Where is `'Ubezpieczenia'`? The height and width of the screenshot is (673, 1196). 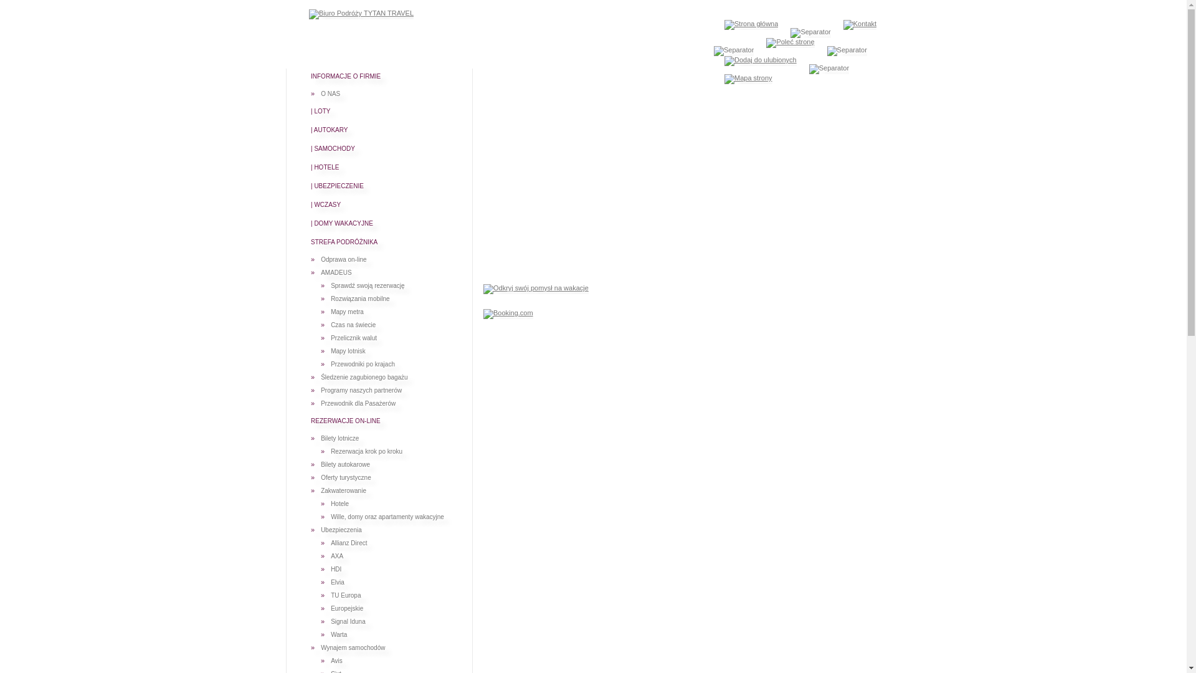
'Ubezpieczenia' is located at coordinates (341, 530).